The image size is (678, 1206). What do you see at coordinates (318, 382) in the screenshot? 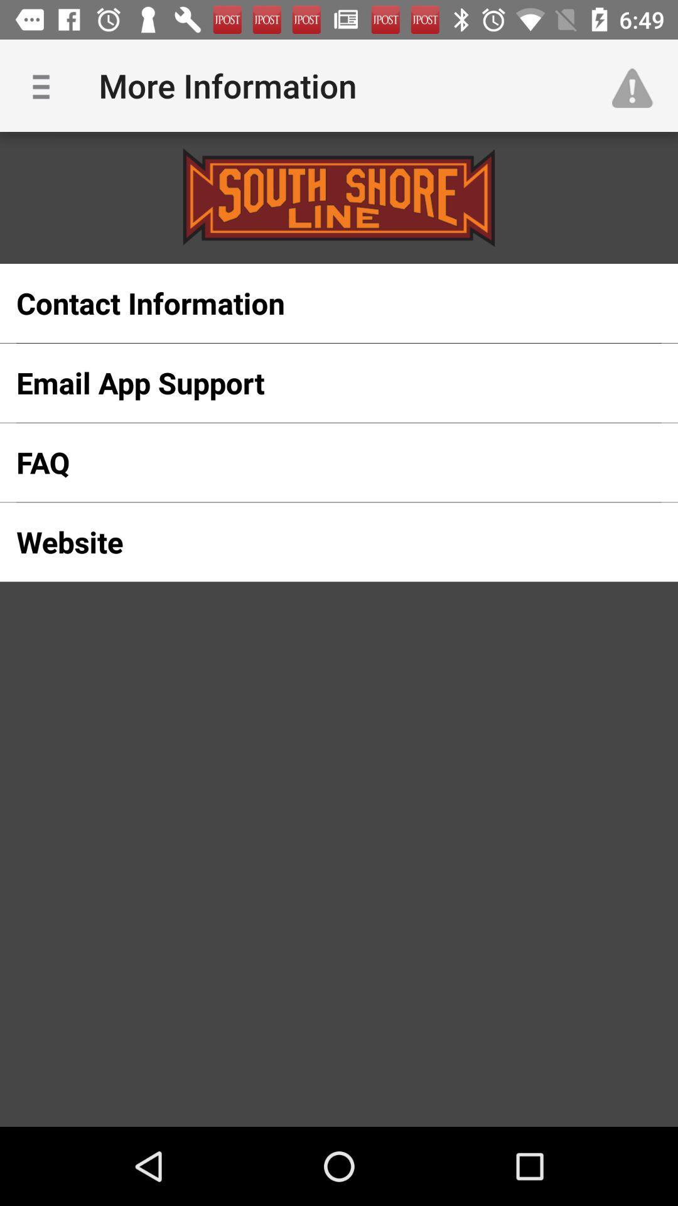
I see `icon below contact information icon` at bounding box center [318, 382].